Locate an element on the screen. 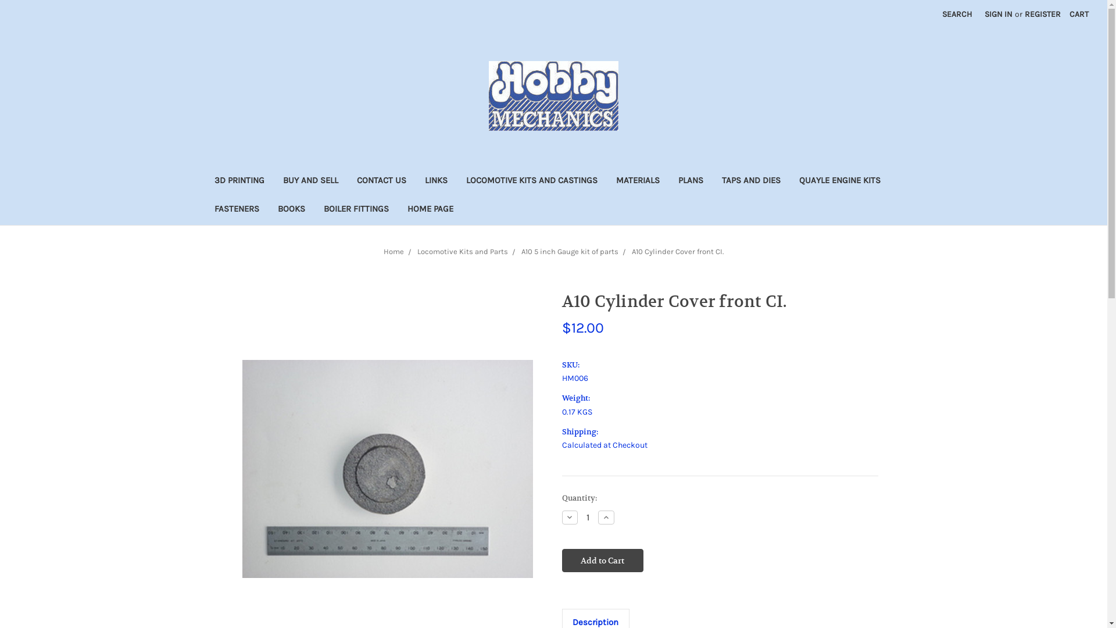 The height and width of the screenshot is (628, 1116). 'SIGN IN' is located at coordinates (998, 14).